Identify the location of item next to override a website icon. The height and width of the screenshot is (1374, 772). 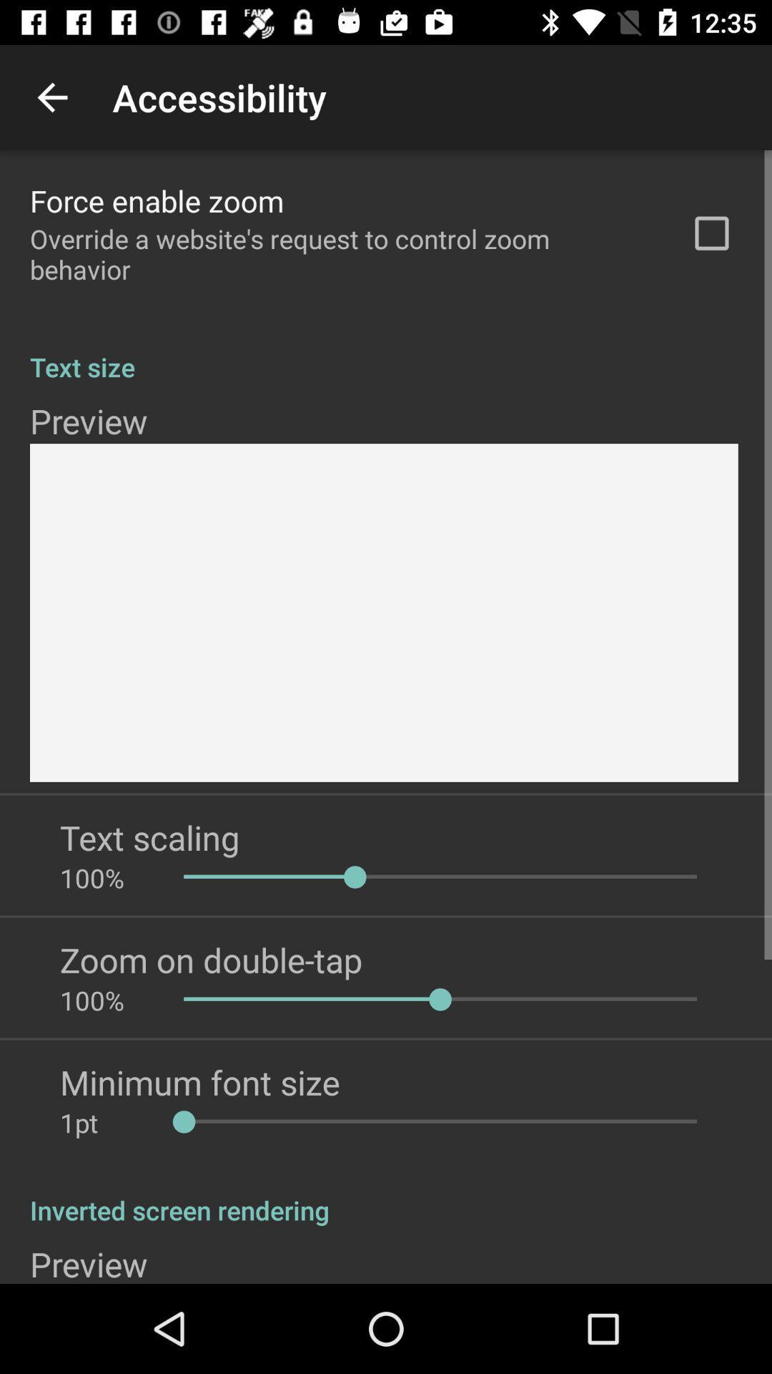
(711, 233).